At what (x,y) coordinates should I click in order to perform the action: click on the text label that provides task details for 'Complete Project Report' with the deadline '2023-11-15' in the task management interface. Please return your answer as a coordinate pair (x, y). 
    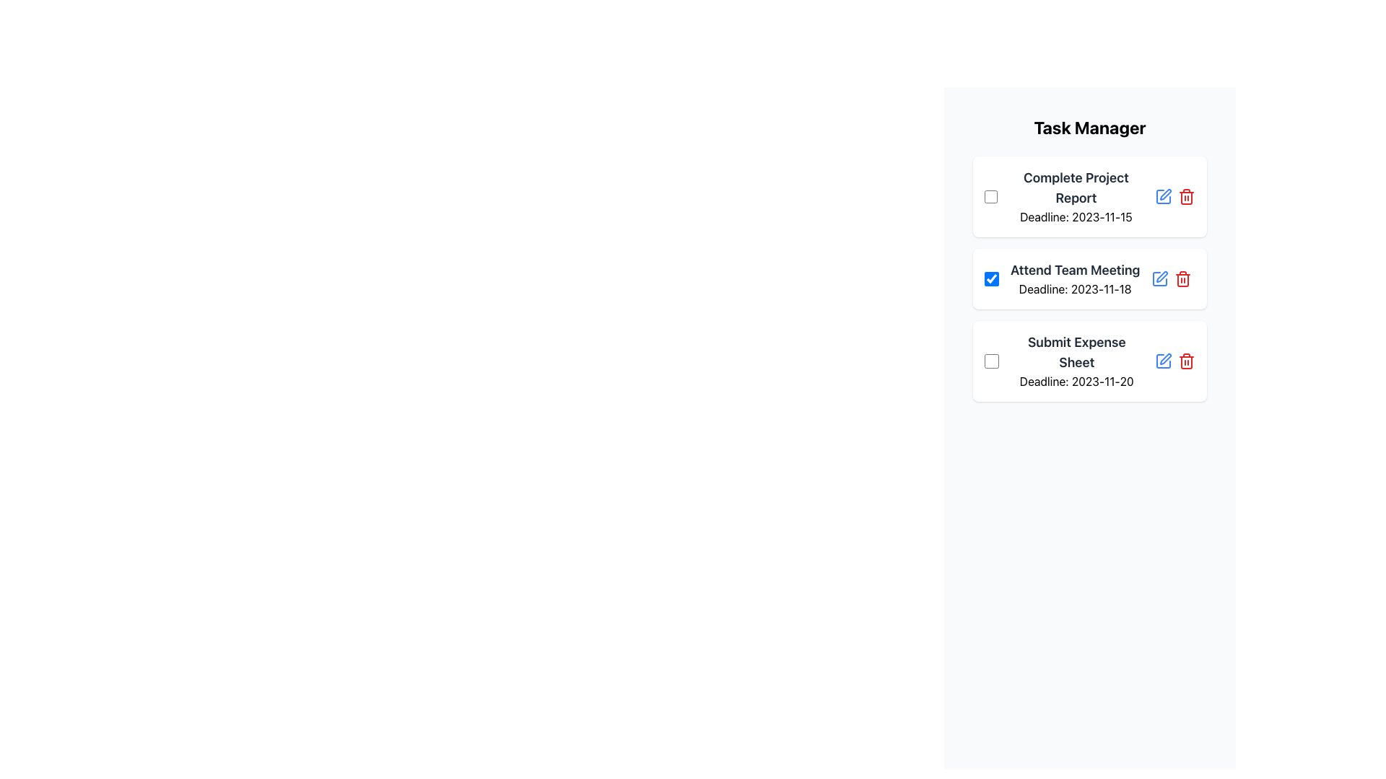
    Looking at the image, I should click on (1076, 197).